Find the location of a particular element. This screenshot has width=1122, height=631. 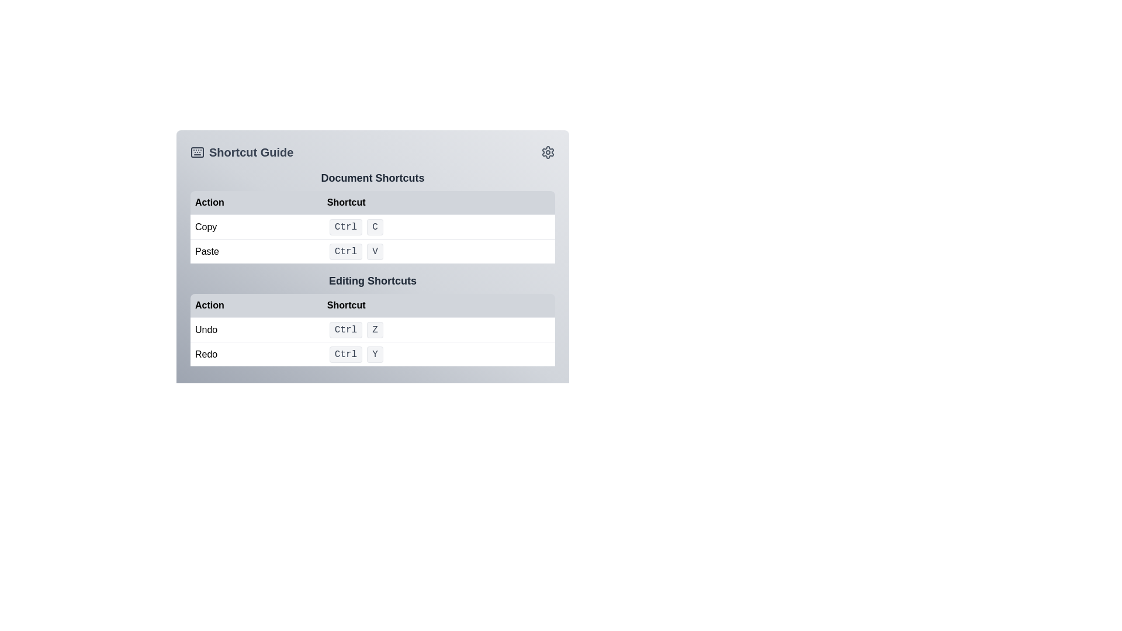

the 'Editing Shortcuts' section of the 'Shortcut Guide' interface, specifically targeting the table displaying 'Undo' and 'Redo' commands with their key combinations 'Ctrl+Z' and 'Ctrl+Y' is located at coordinates (372, 342).